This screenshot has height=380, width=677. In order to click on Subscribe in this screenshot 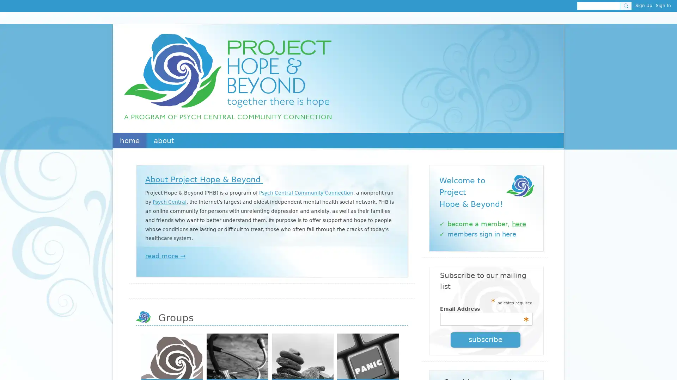, I will do `click(485, 339)`.